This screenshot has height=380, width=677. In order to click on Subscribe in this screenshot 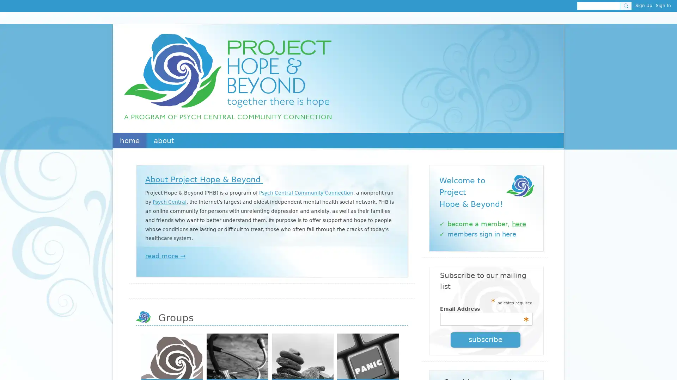, I will do `click(485, 339)`.